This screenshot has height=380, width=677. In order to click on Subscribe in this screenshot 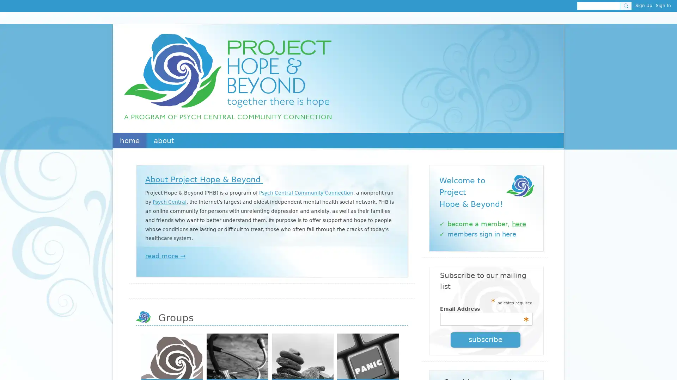, I will do `click(485, 339)`.